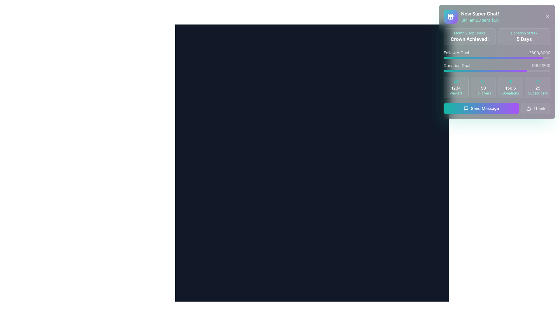 The height and width of the screenshot is (315, 560). I want to click on the progress indication of the narrow gradient progress bar located underneath the 'Follower Goal' text, which displays '2800/3000', so click(497, 58).